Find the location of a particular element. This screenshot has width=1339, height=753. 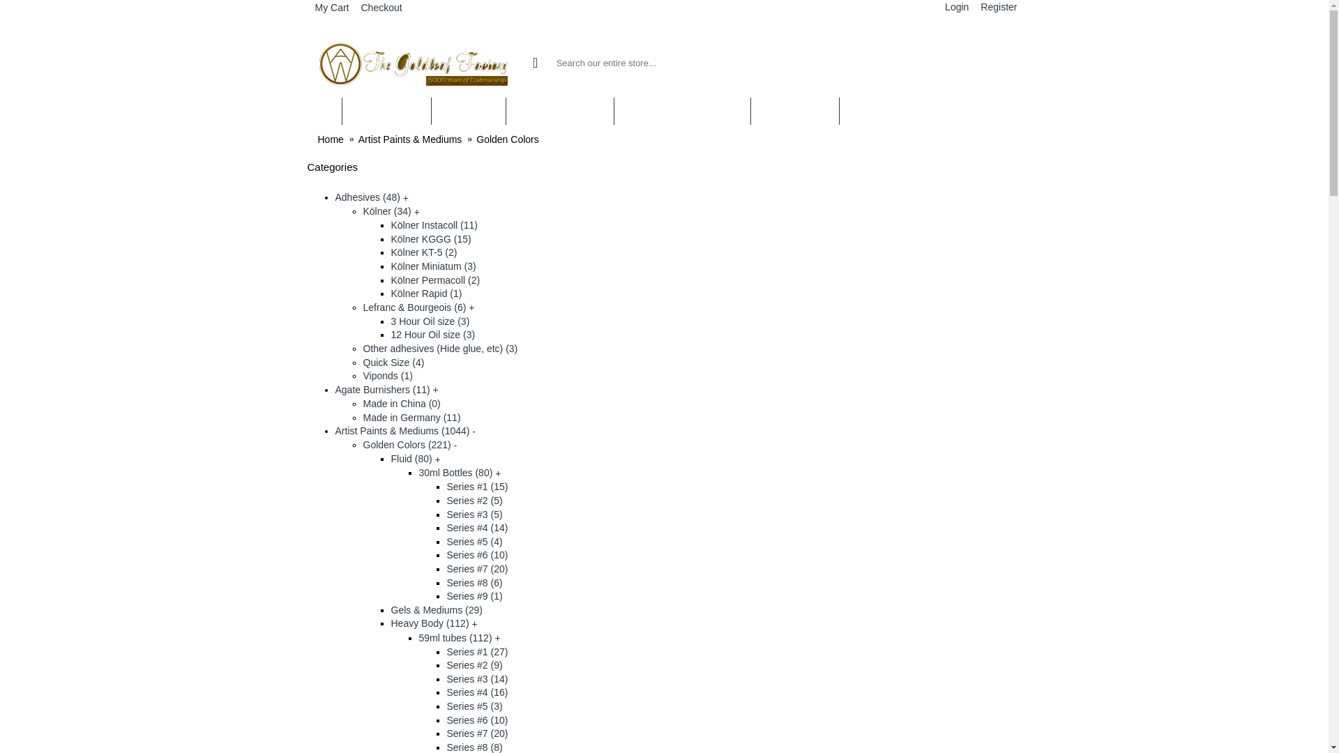

'Made in Germany (11)' is located at coordinates (411, 416).